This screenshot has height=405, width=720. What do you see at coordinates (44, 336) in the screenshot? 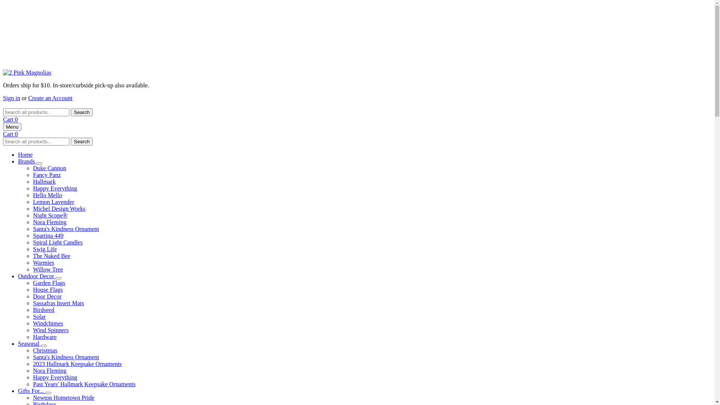
I see `'Hardware'` at bounding box center [44, 336].